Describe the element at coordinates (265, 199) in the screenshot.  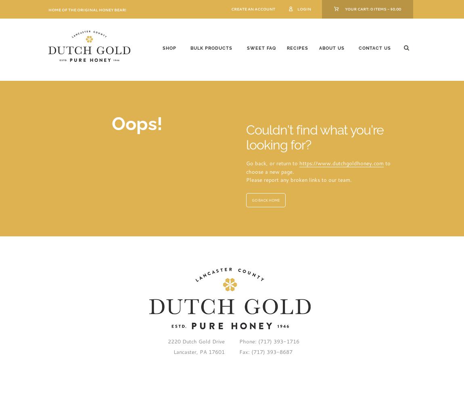
I see `'GO BACK HOME'` at that location.